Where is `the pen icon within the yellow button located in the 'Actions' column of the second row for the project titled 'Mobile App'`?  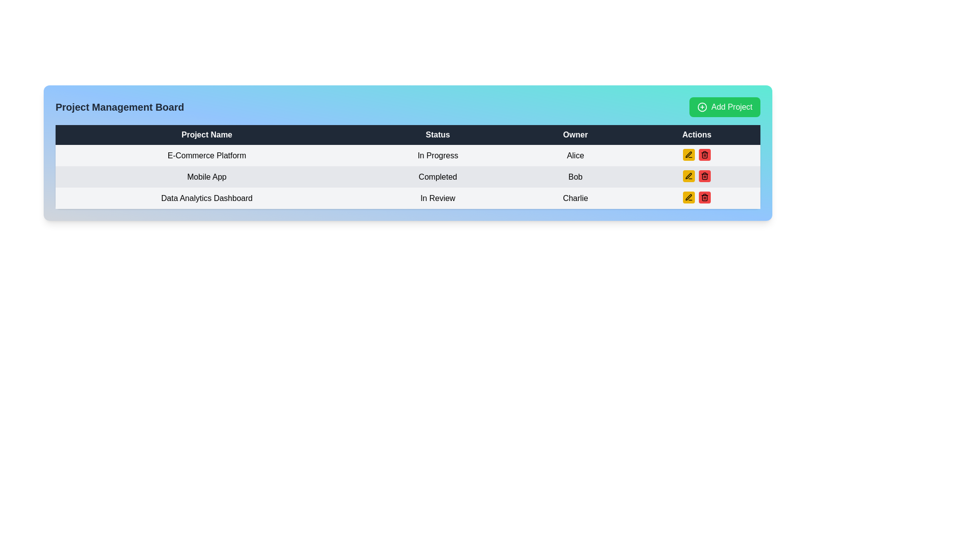 the pen icon within the yellow button located in the 'Actions' column of the second row for the project titled 'Mobile App' is located at coordinates (688, 175).